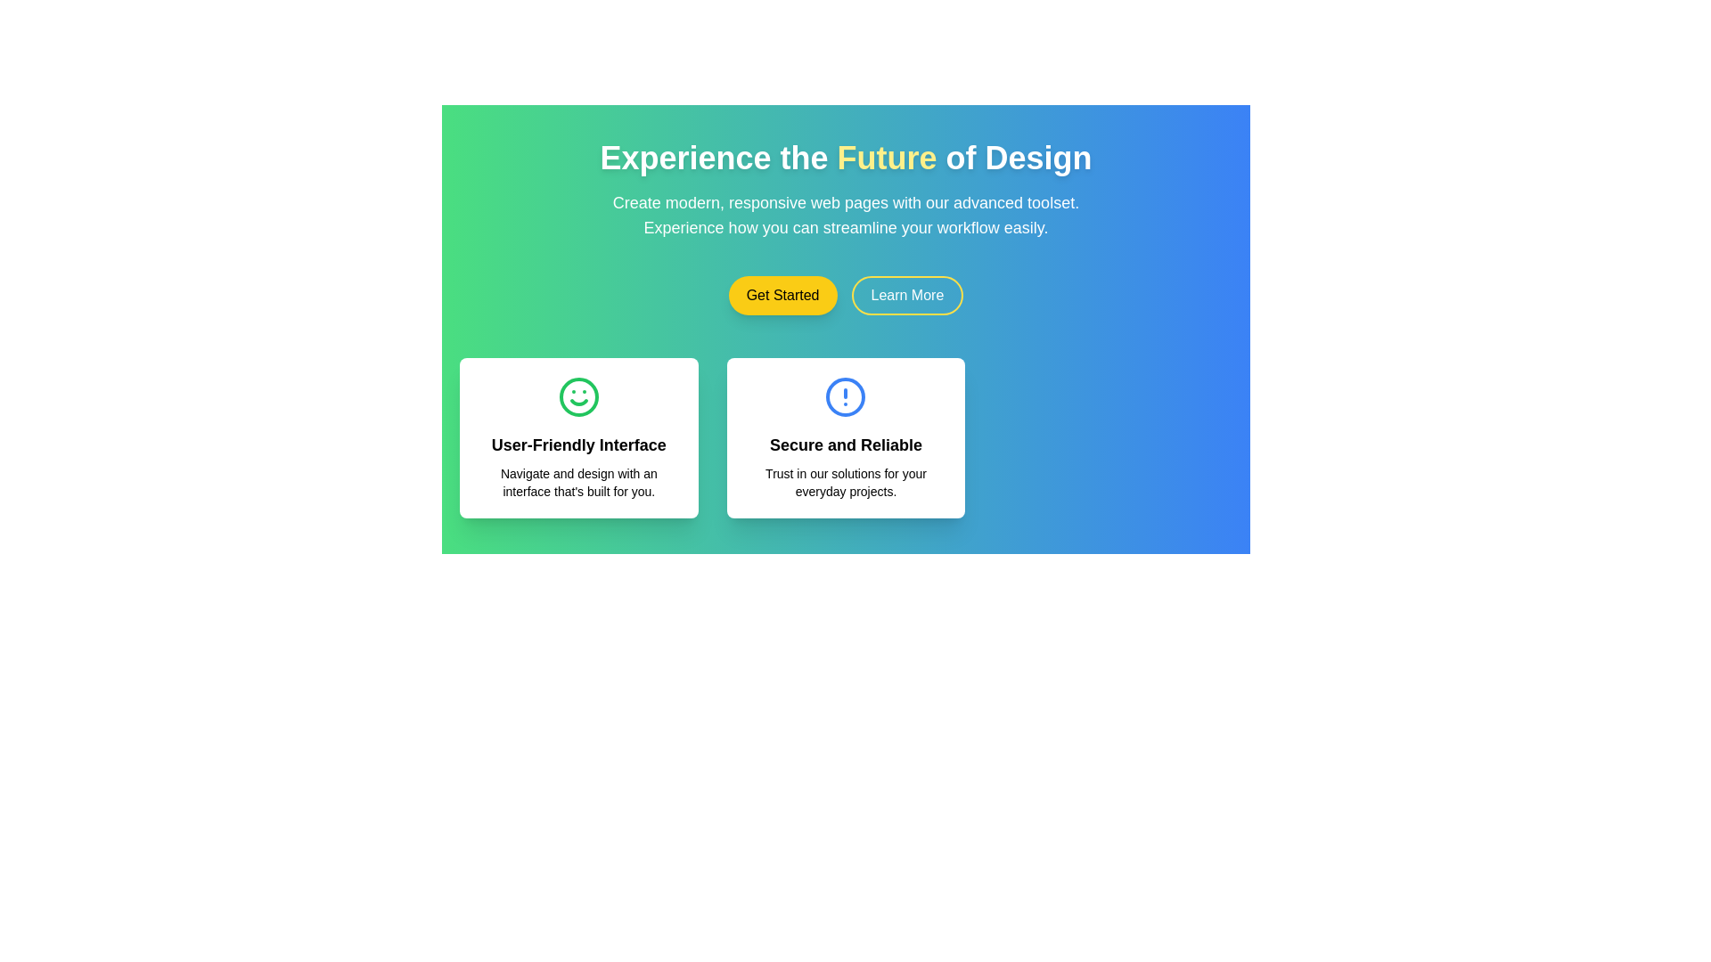 Image resolution: width=1711 pixels, height=962 pixels. Describe the element at coordinates (578, 438) in the screenshot. I see `the card component that presents a concise description of a feature or benefit offered by the application, located in the first column of the three-column grid on the left side, adjacent to the card that starts with 'Secure and Reliable'` at that location.